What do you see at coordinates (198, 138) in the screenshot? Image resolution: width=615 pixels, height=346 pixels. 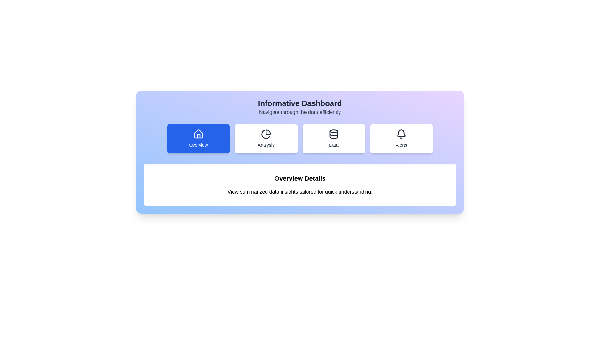 I see `the bright blue 'Overview' button with a white house icon and text below it` at bounding box center [198, 138].